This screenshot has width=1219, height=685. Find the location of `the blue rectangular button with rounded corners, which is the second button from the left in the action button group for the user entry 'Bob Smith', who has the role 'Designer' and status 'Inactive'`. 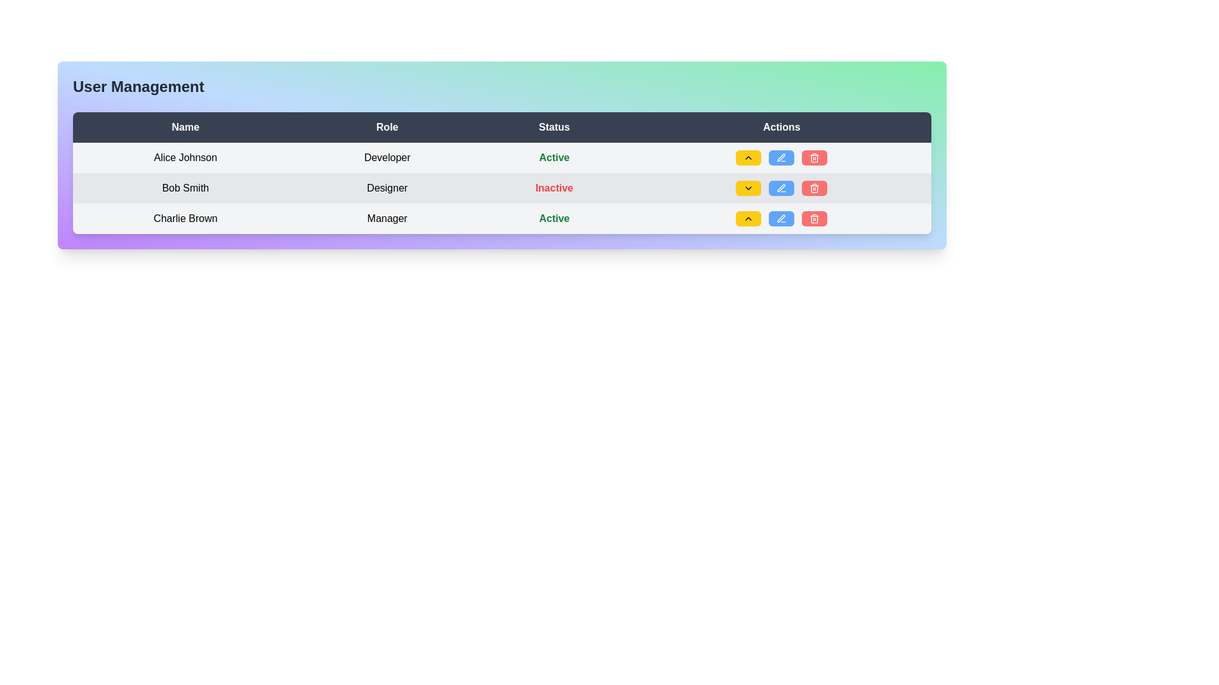

the blue rectangular button with rounded corners, which is the second button from the left in the action button group for the user entry 'Bob Smith', who has the role 'Designer' and status 'Inactive' is located at coordinates (781, 188).